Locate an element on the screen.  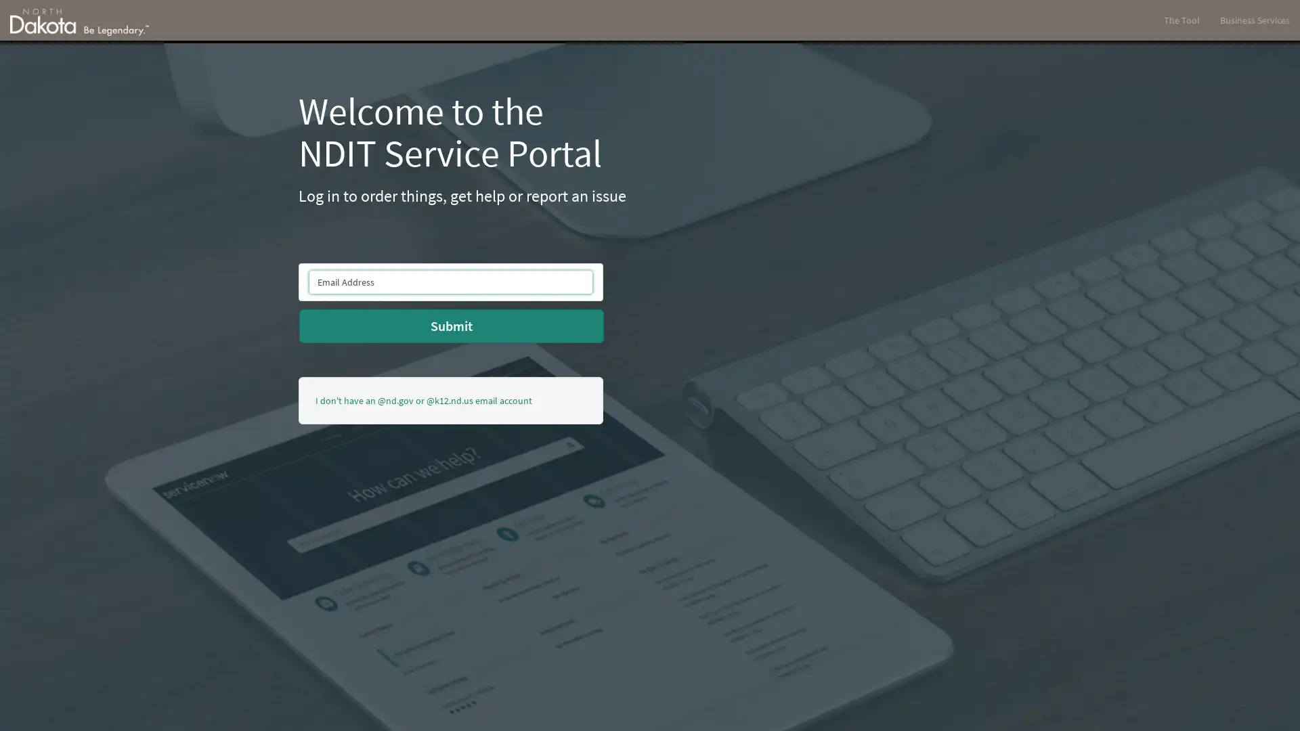
Submit is located at coordinates (451, 326).